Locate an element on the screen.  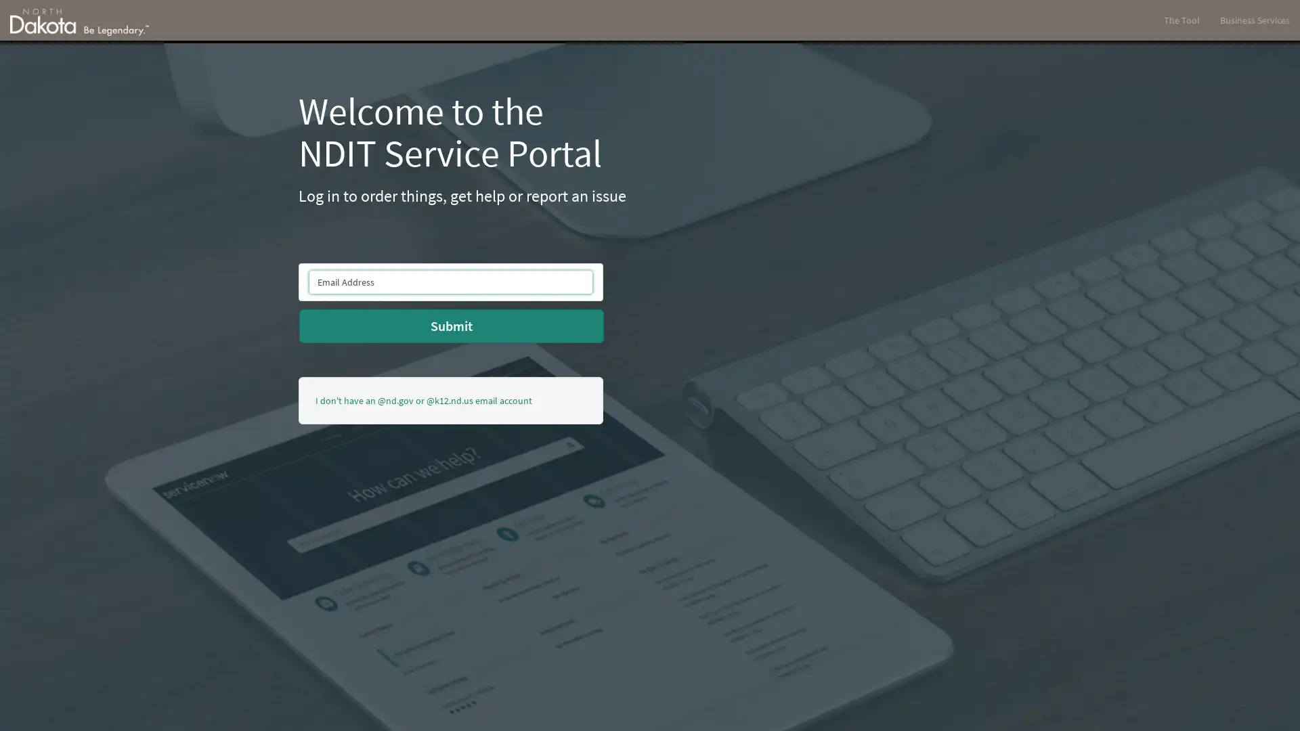
Submit is located at coordinates (451, 326).